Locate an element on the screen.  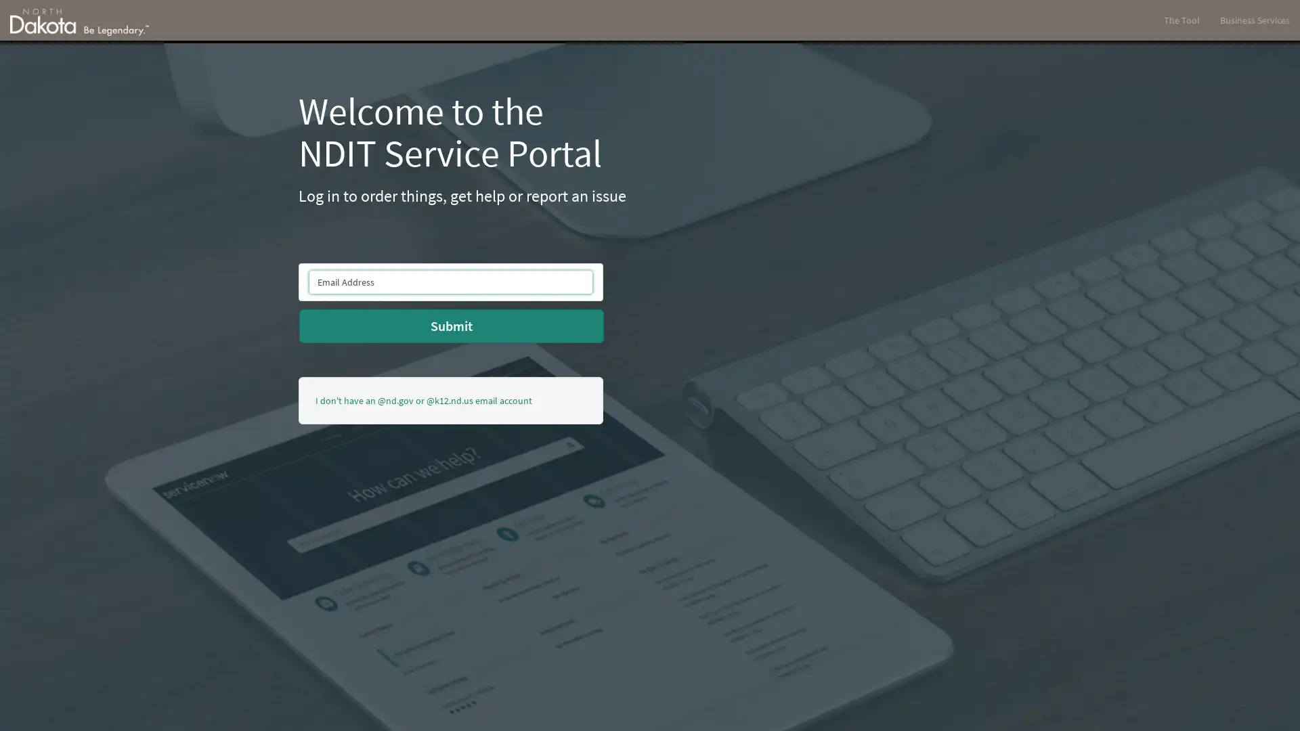
Submit is located at coordinates (451, 326).